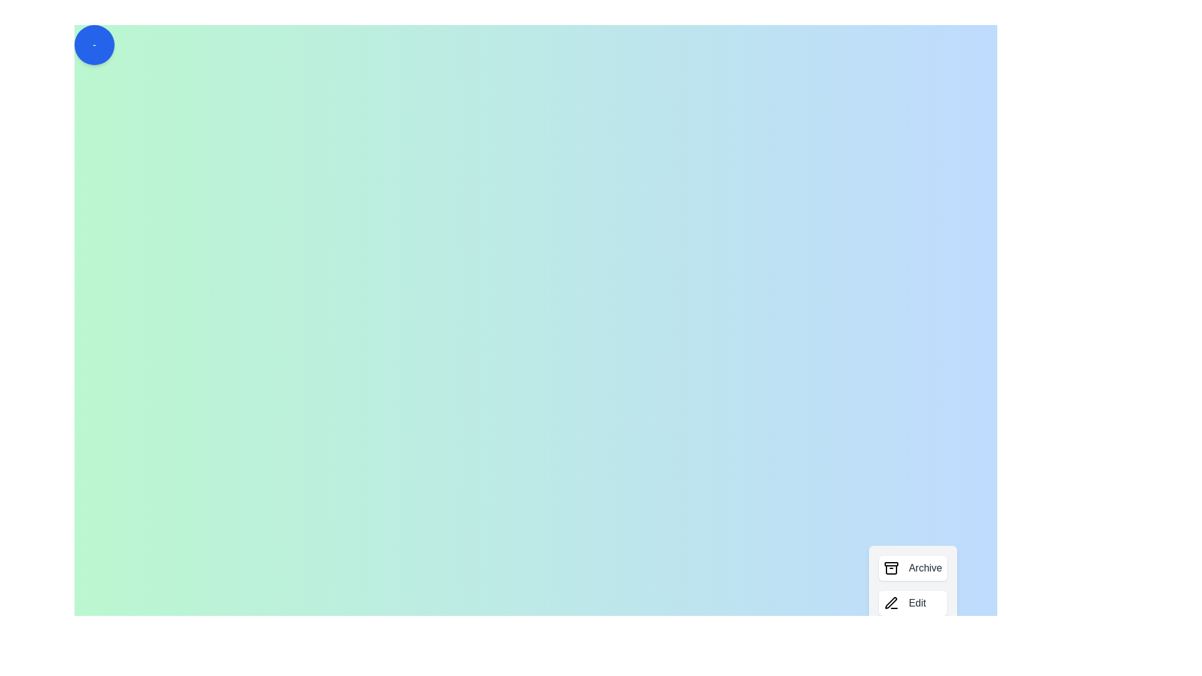 Image resolution: width=1202 pixels, height=676 pixels. What do you see at coordinates (913, 603) in the screenshot?
I see `the edit button located at the bottom of a vertical stack of three buttons, positioned below the 'Archive' button and above the 'Delete' button` at bounding box center [913, 603].